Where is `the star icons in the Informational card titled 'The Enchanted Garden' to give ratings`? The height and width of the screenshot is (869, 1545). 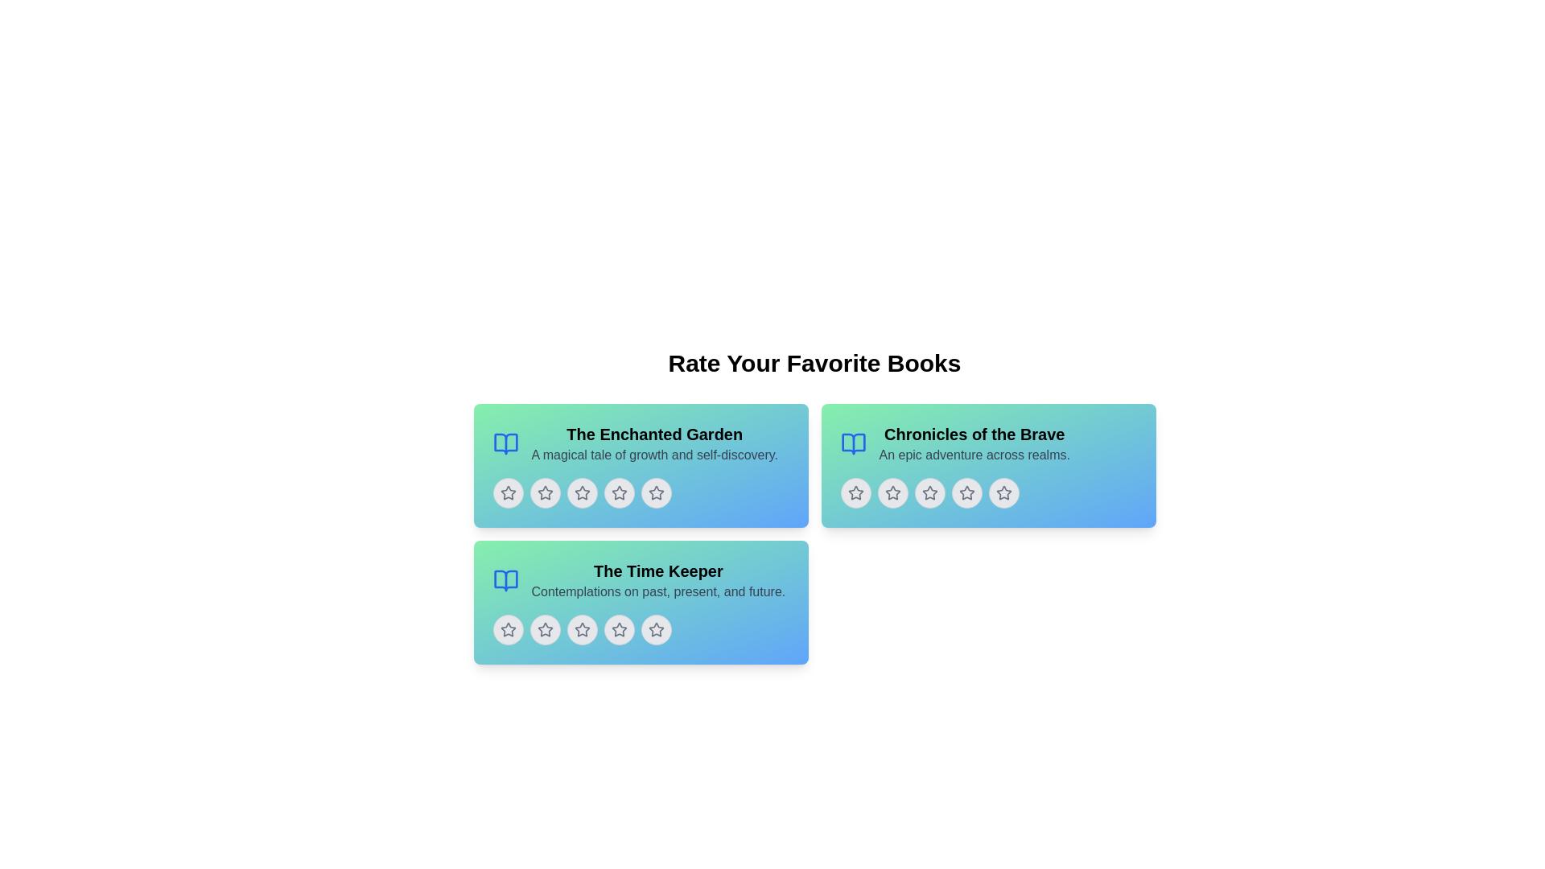 the star icons in the Informational card titled 'The Enchanted Garden' to give ratings is located at coordinates (640, 465).